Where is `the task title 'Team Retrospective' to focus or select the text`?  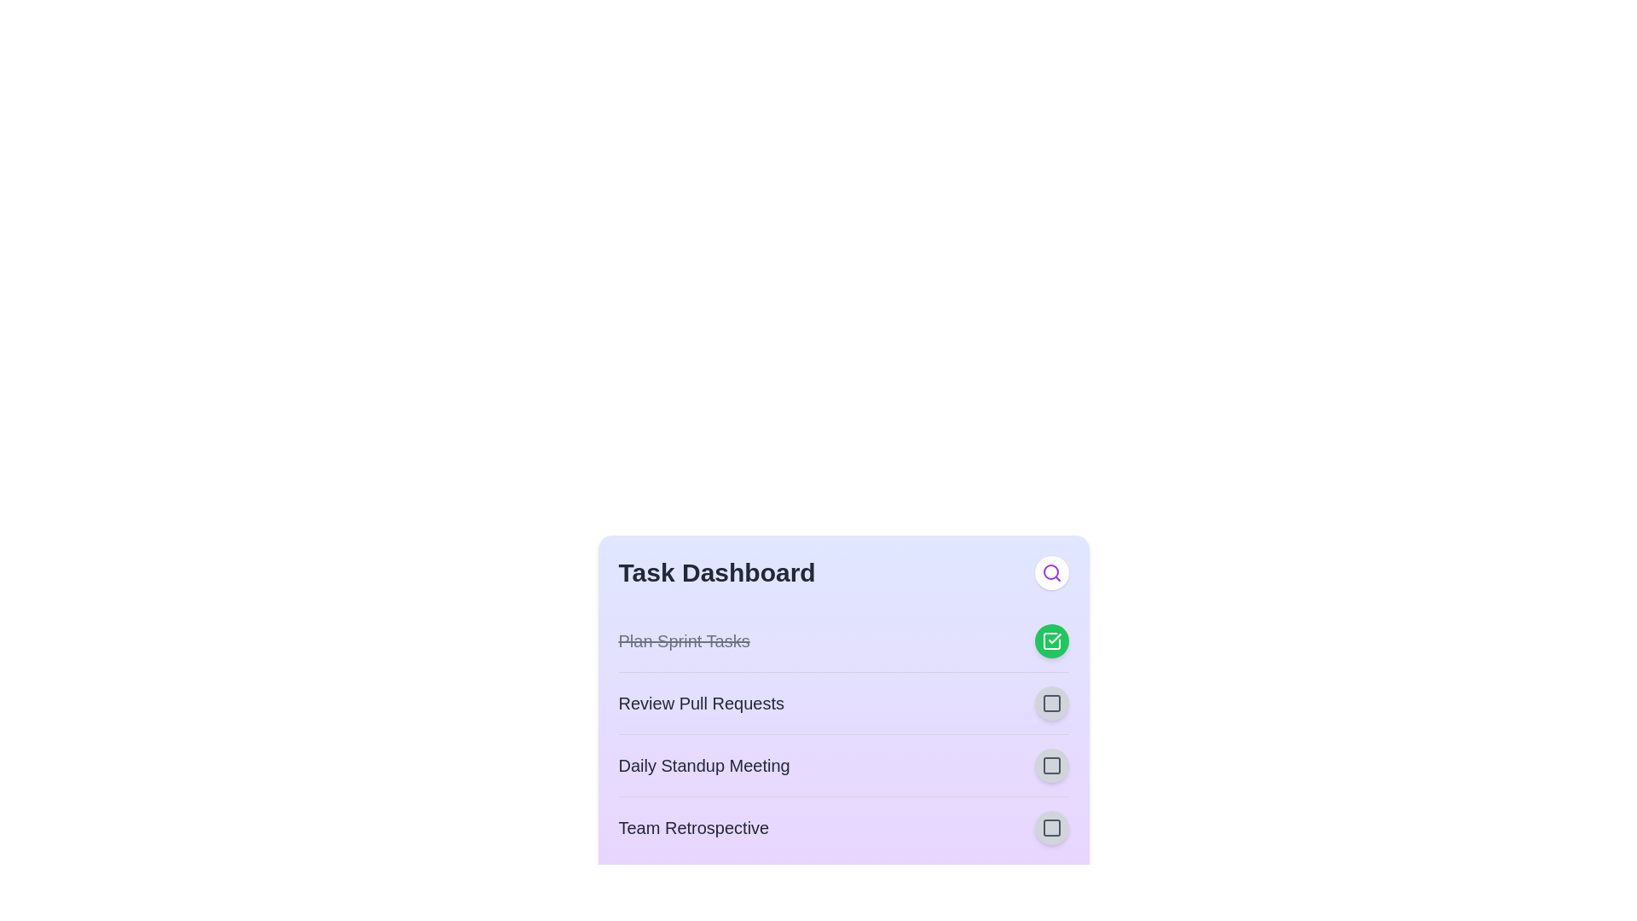 the task title 'Team Retrospective' to focus or select the text is located at coordinates (693, 827).